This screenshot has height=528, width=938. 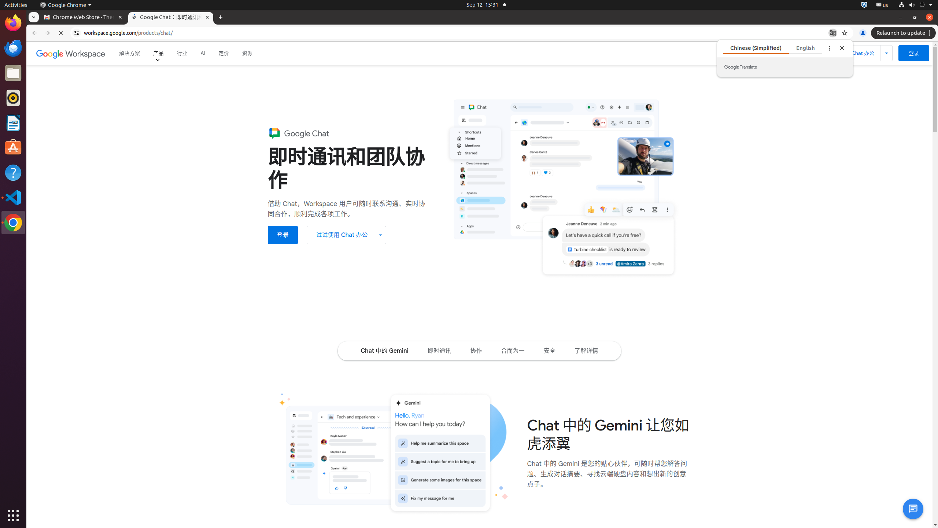 What do you see at coordinates (13, 22) in the screenshot?
I see `'Firefox Web Browser'` at bounding box center [13, 22].